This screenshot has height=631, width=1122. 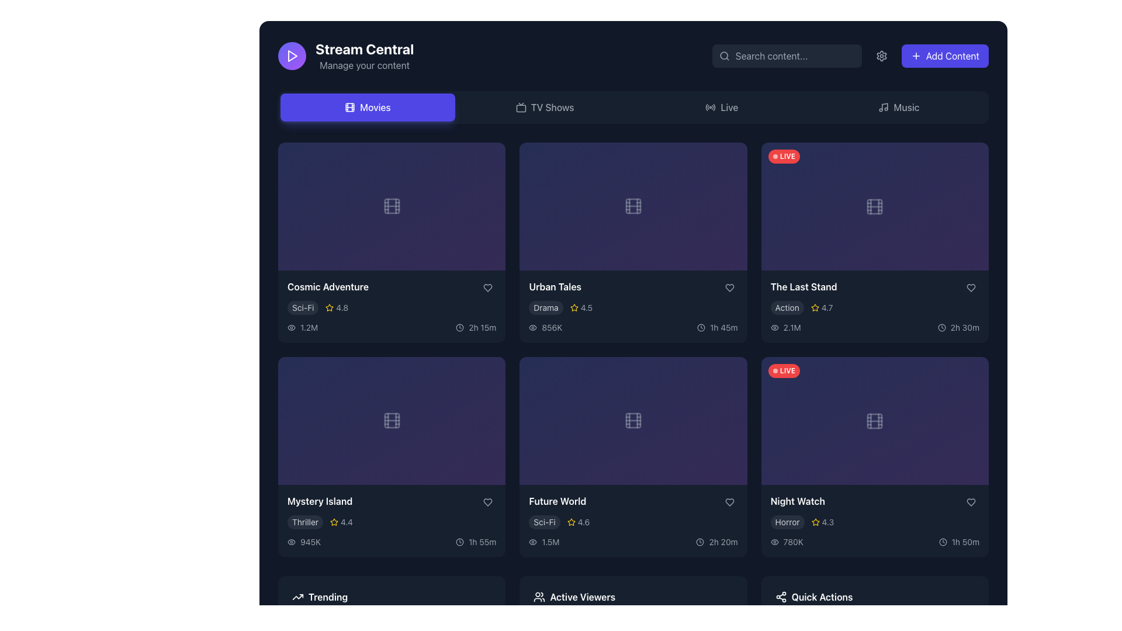 What do you see at coordinates (965, 542) in the screenshot?
I see `displayed time from the text label showing '1h 50m', which is located at the bottom-right of the 'Night Watch' card and is aligned to the right of a clock icon` at bounding box center [965, 542].